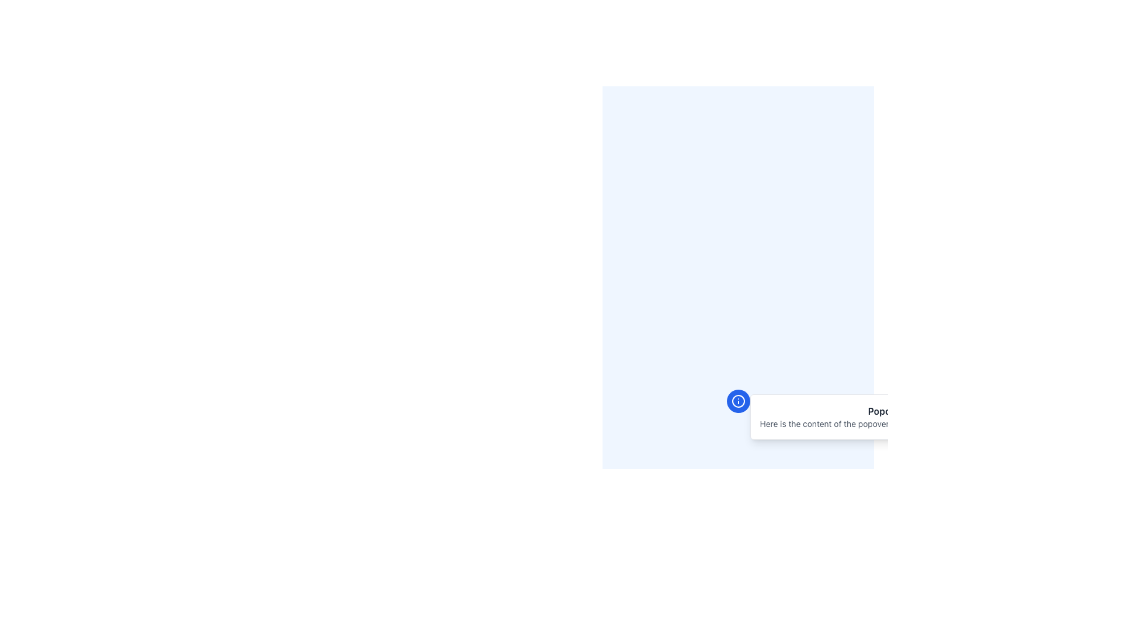  What do you see at coordinates (737, 400) in the screenshot?
I see `the information/help icon located in the bottom-right region of the interface, which is part of an interactive toggle button that triggers a popover or tooltip when clicked` at bounding box center [737, 400].